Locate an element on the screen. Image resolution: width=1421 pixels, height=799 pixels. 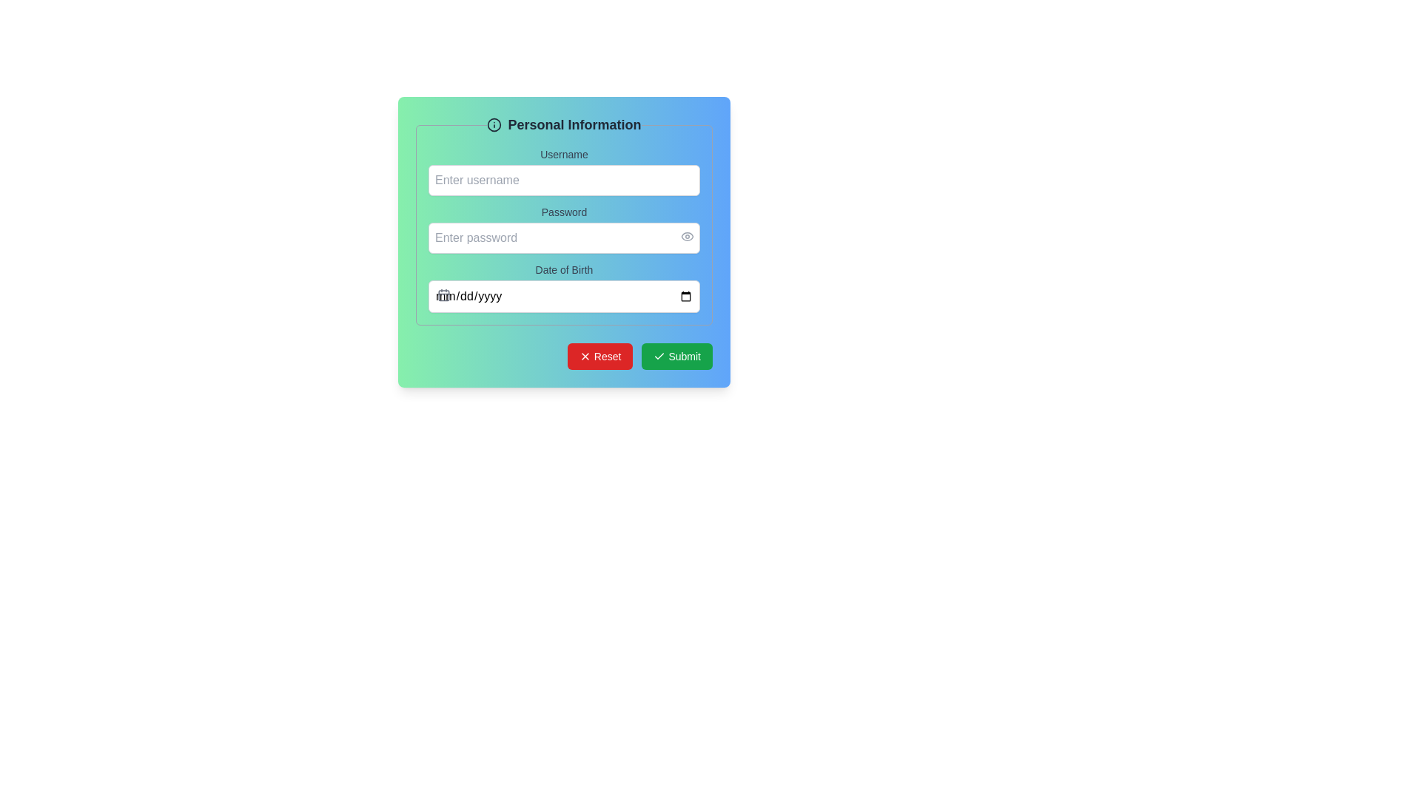
the eye-shaped button is located at coordinates (687, 236).